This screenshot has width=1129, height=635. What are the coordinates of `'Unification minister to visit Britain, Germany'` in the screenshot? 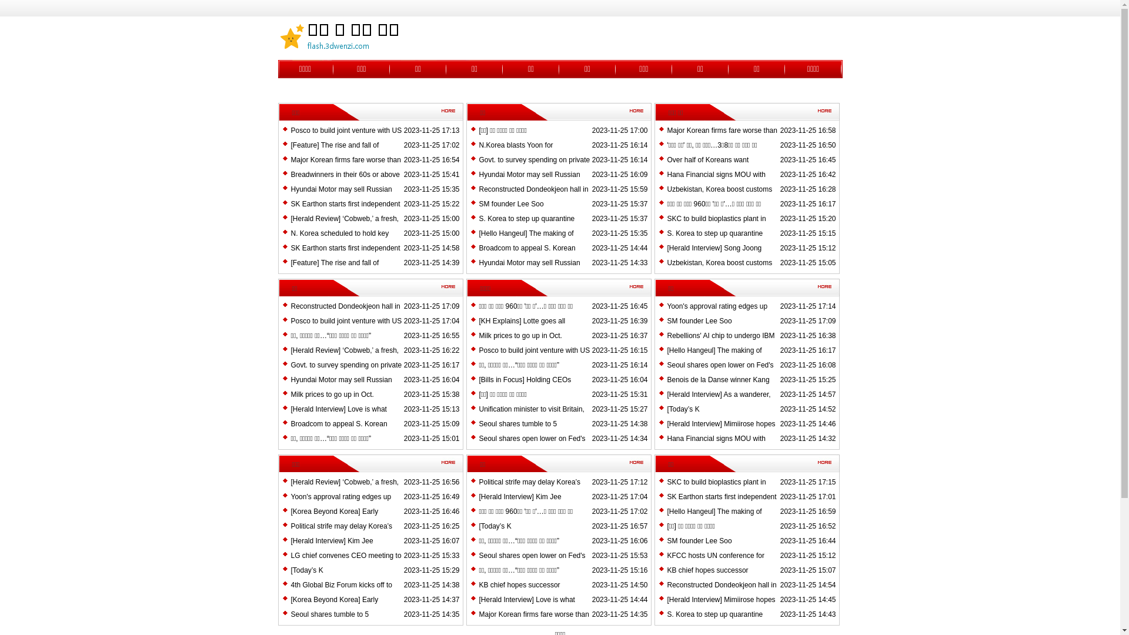 It's located at (530, 416).